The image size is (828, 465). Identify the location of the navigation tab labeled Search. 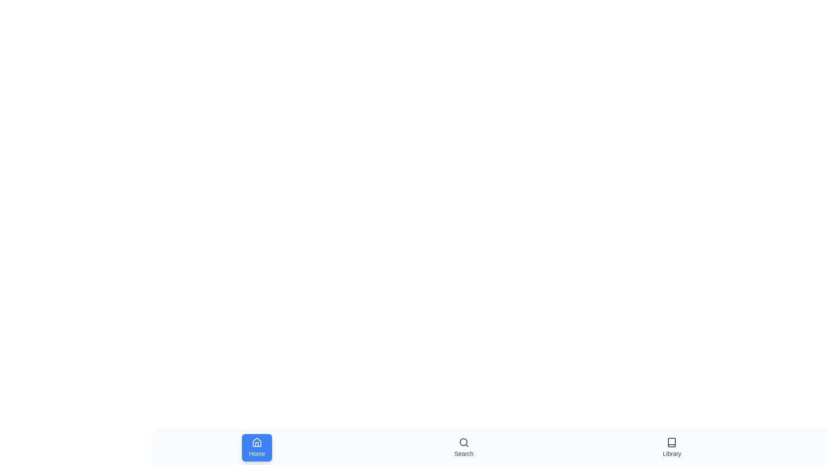
(463, 447).